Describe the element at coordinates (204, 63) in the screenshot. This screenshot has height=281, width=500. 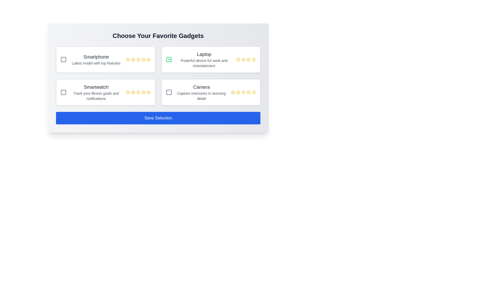
I see `the descriptive label element displaying 'Powerful device for work and entertainment' located below the 'Laptop' heading in the top-right quadrant of the grid` at that location.